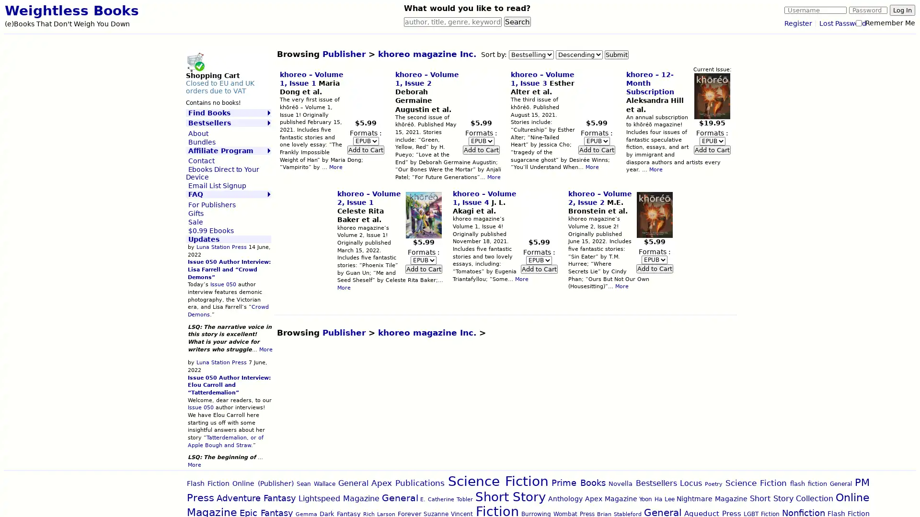 The height and width of the screenshot is (517, 920). What do you see at coordinates (365, 149) in the screenshot?
I see `Add to Cart` at bounding box center [365, 149].